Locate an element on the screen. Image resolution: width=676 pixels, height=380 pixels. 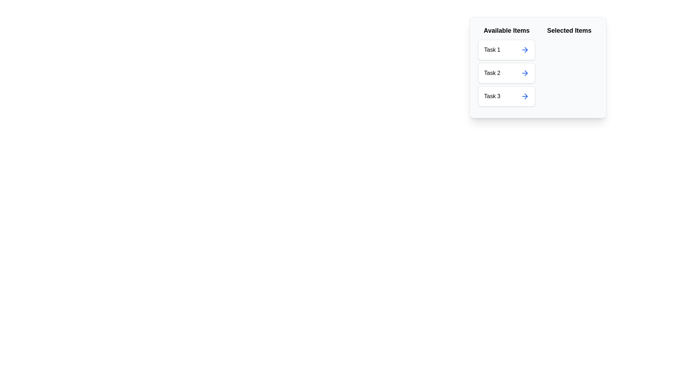
the text label 'Available Items', which is displayed in bold, black font and serves as a prominent title for the section containing the task list is located at coordinates (506, 30).